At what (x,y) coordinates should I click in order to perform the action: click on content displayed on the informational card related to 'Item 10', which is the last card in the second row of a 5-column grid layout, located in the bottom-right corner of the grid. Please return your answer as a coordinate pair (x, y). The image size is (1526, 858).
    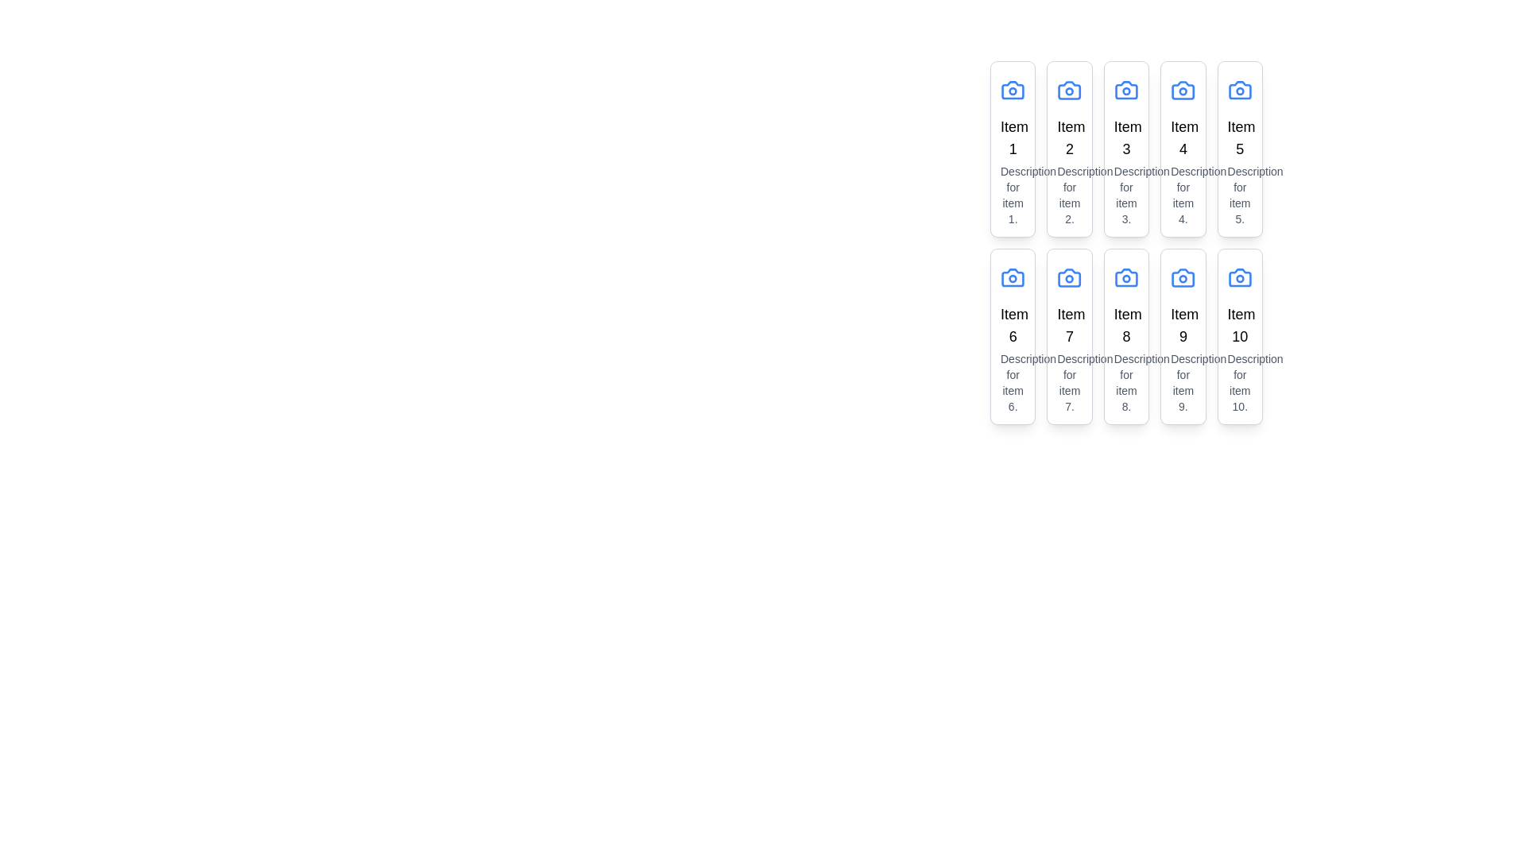
    Looking at the image, I should click on (1239, 336).